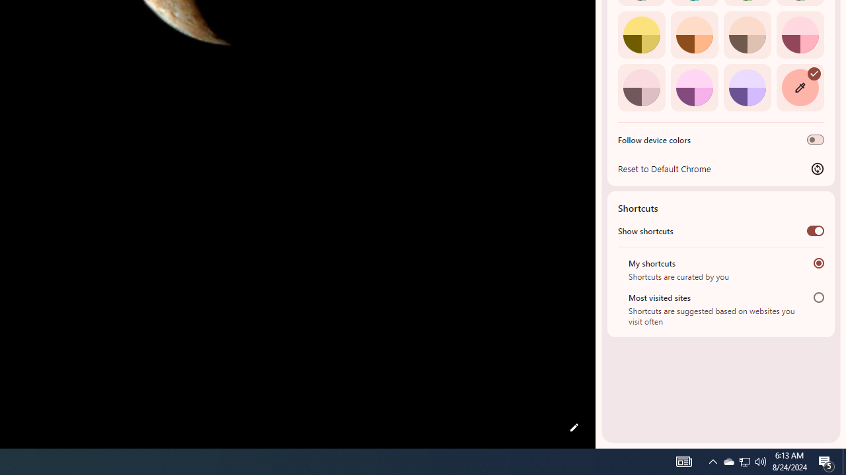 The width and height of the screenshot is (846, 475). What do you see at coordinates (818, 297) in the screenshot?
I see `'Most visited sites'` at bounding box center [818, 297].